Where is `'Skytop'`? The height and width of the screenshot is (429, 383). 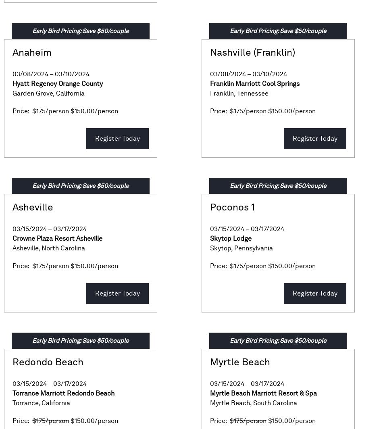
'Skytop' is located at coordinates (221, 248).